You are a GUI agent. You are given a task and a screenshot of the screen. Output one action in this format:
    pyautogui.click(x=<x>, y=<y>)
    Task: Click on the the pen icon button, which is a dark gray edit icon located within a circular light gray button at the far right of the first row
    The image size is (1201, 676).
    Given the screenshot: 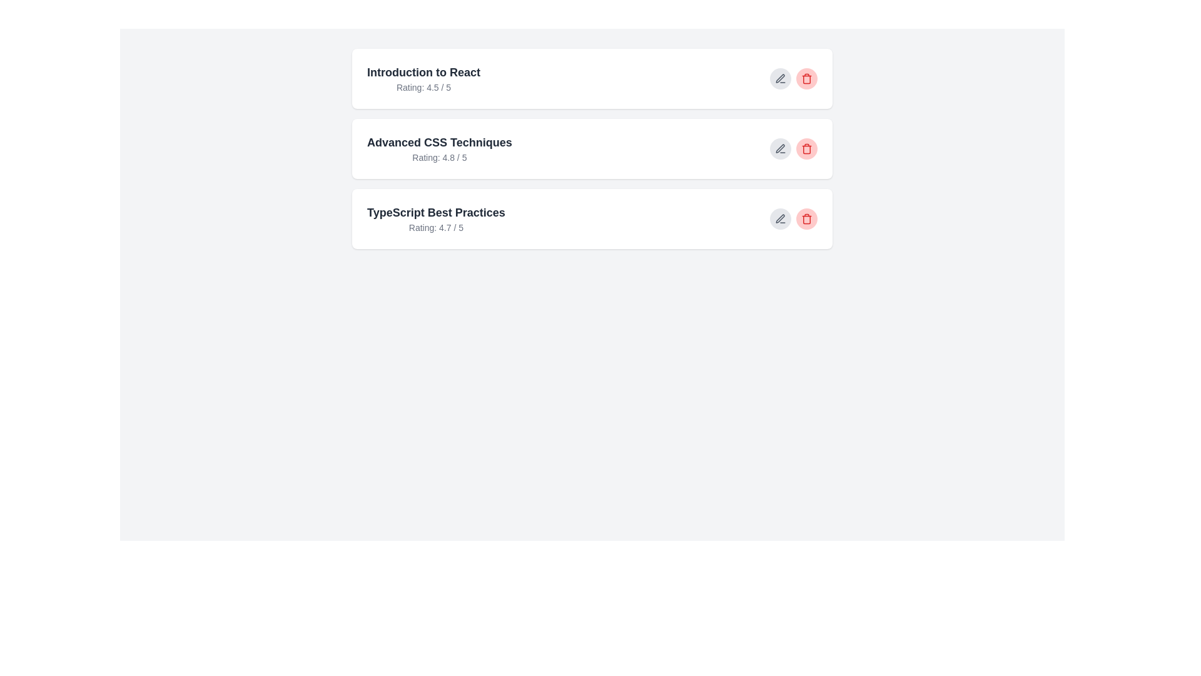 What is the action you would take?
    pyautogui.click(x=780, y=79)
    